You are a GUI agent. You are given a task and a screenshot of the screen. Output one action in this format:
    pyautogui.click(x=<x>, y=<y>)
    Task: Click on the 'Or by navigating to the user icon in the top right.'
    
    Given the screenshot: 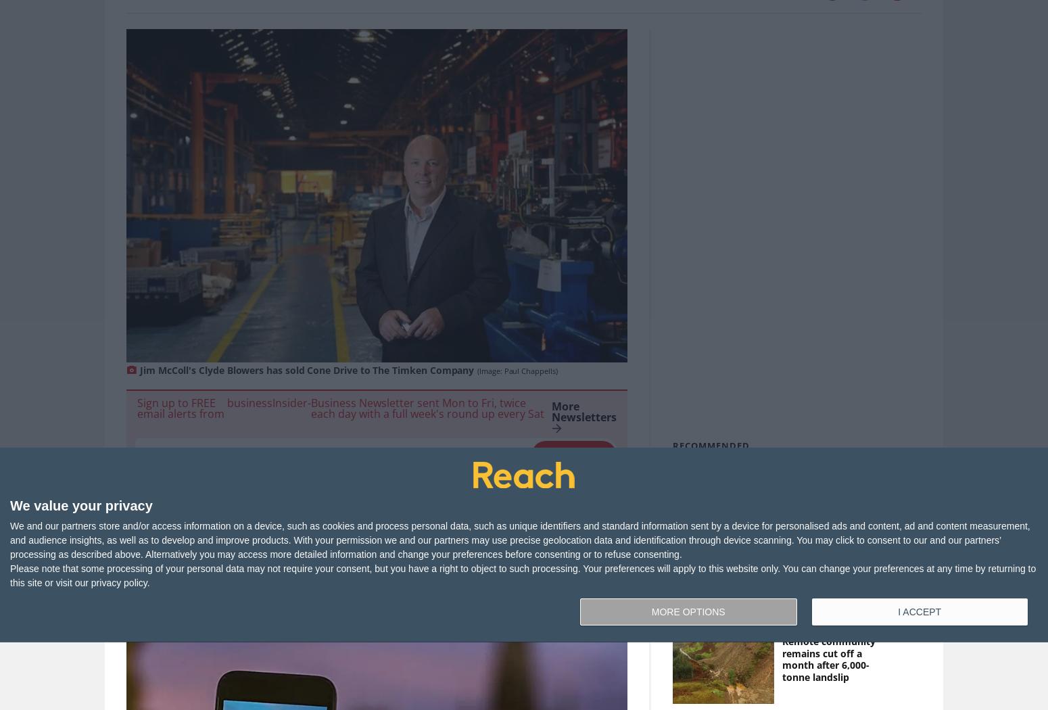 What is the action you would take?
    pyautogui.click(x=520, y=590)
    